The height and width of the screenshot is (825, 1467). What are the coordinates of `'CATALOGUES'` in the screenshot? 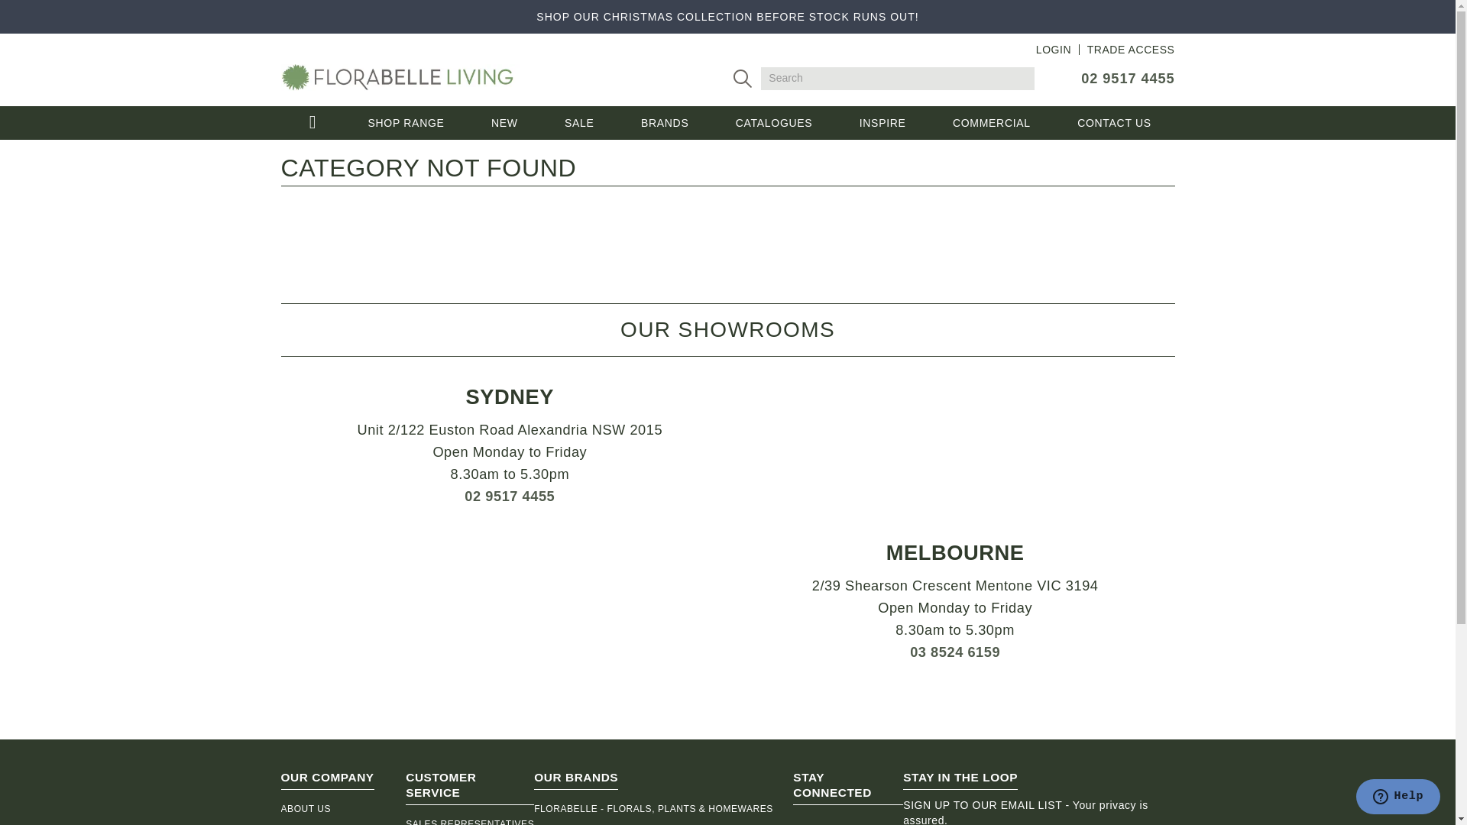 It's located at (773, 122).